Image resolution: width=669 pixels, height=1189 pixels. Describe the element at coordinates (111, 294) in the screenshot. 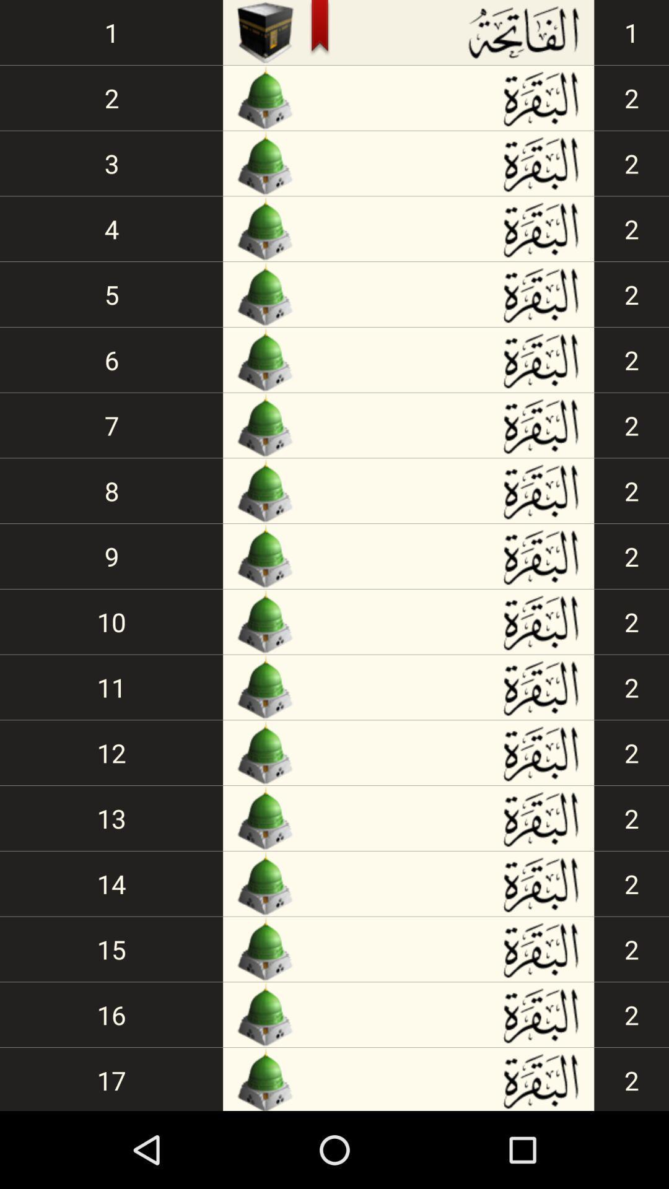

I see `5 icon` at that location.